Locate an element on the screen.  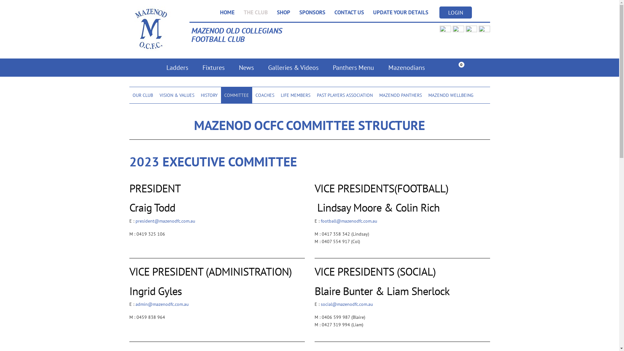
'Fixtures' is located at coordinates (213, 68).